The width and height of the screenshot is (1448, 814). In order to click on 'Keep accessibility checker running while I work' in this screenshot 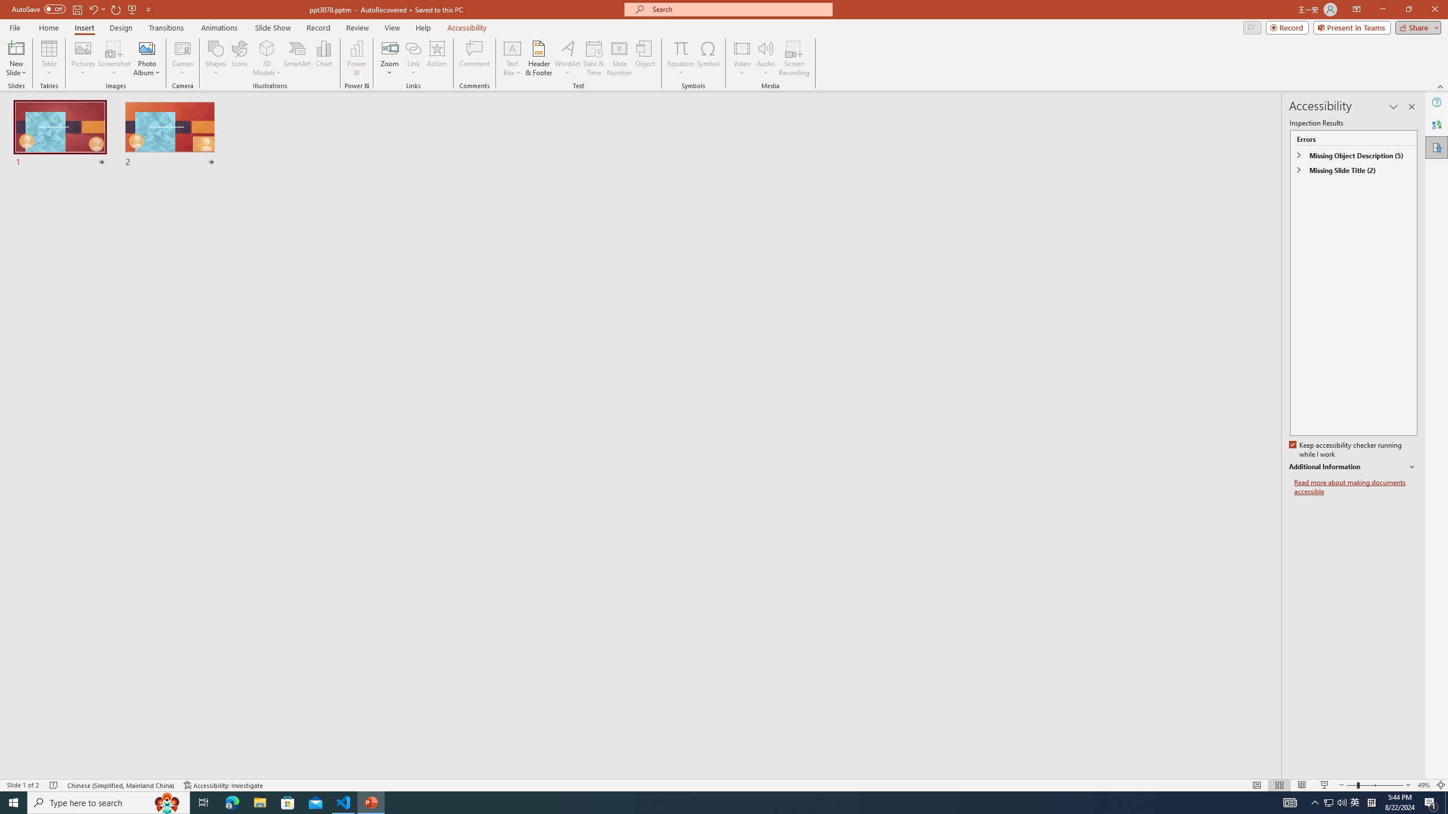, I will do `click(1346, 450)`.